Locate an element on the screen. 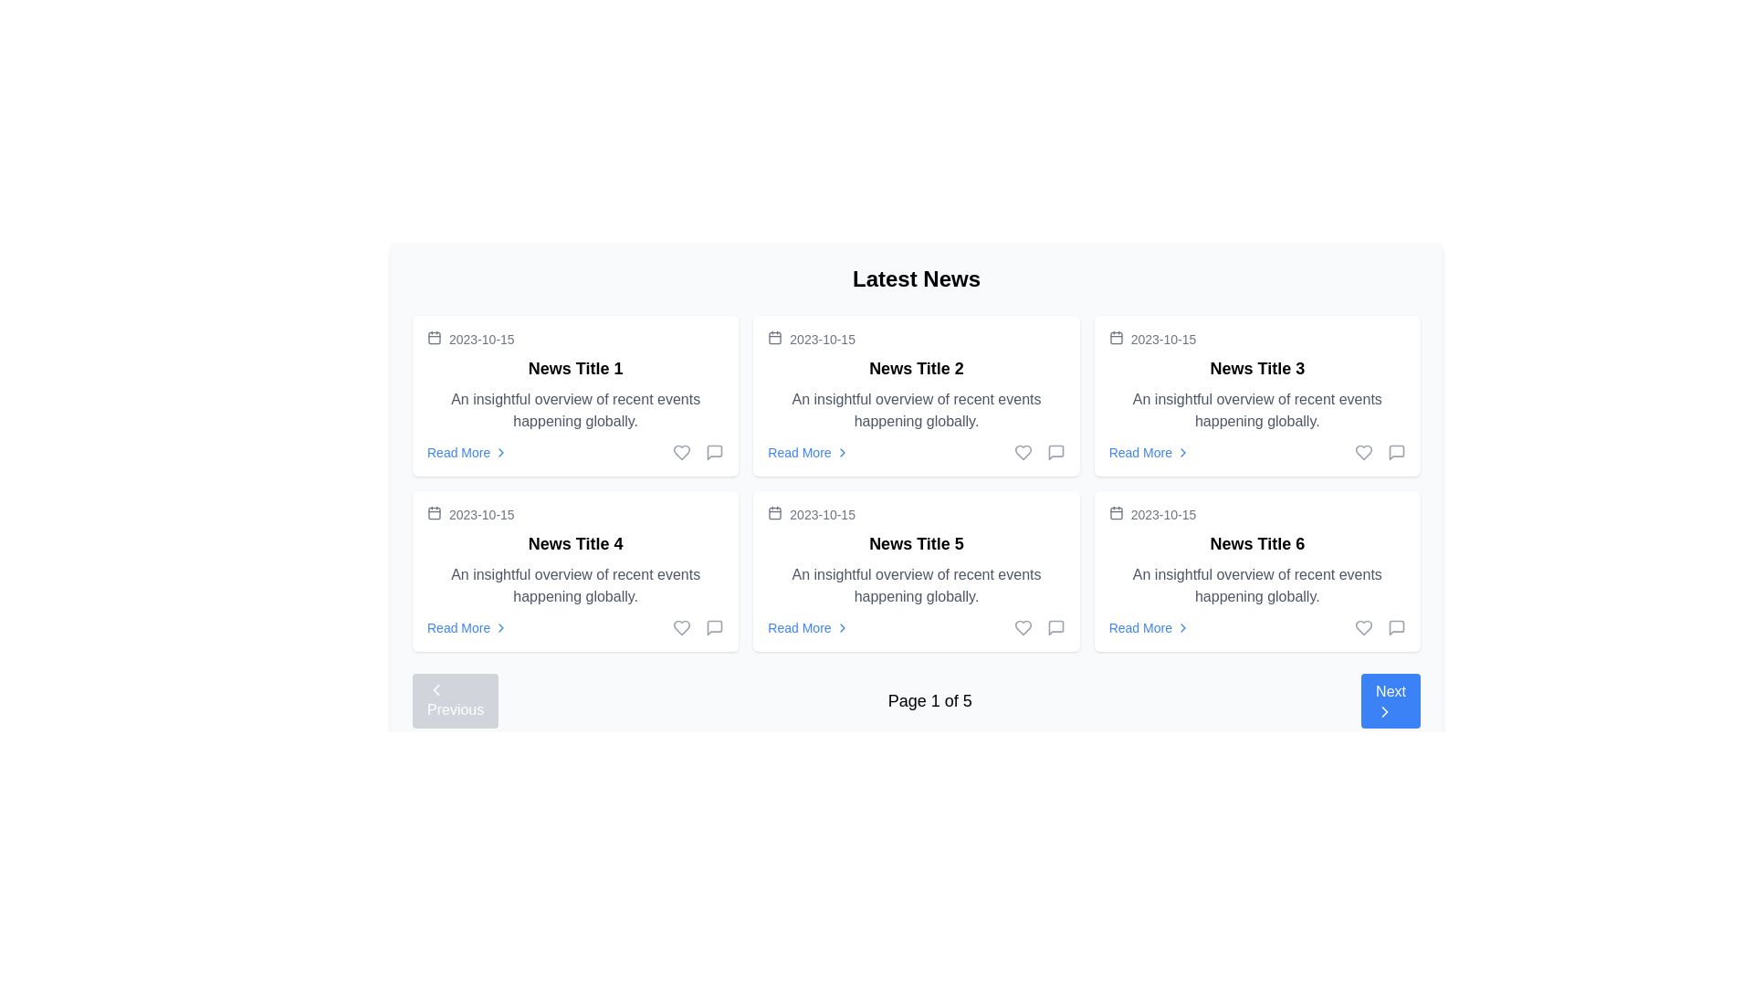 The height and width of the screenshot is (986, 1753). the hyperlink located beneath 'News Title 2' in the 'Latest News' section is located at coordinates (807, 452).